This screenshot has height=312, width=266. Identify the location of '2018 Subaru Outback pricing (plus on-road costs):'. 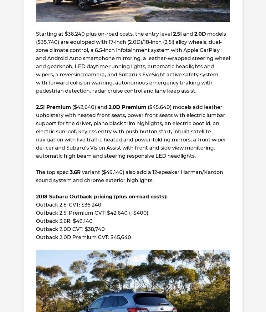
(102, 196).